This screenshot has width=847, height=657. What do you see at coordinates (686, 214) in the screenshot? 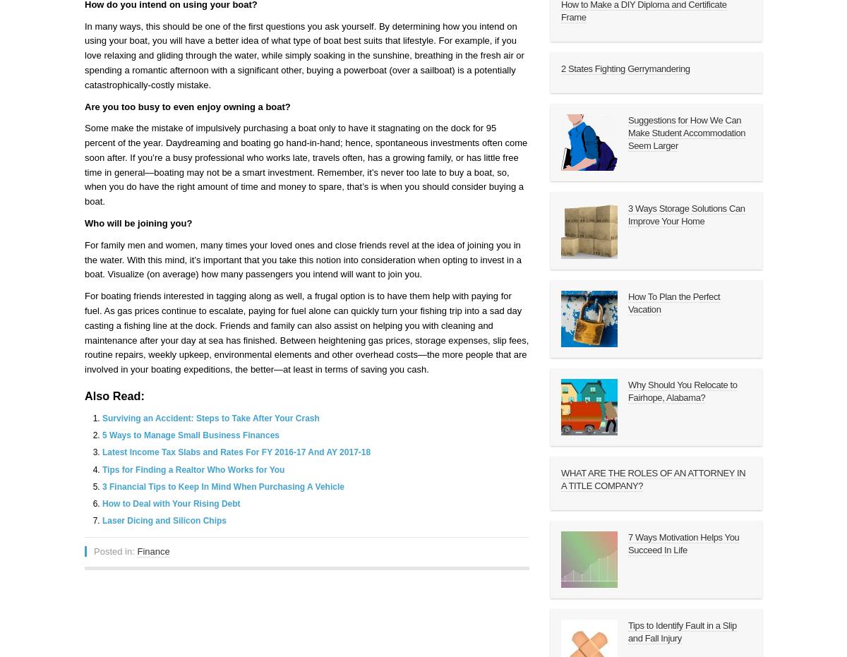
I see `'3 Ways Storage Solutions Can Improve Your Home'` at bounding box center [686, 214].